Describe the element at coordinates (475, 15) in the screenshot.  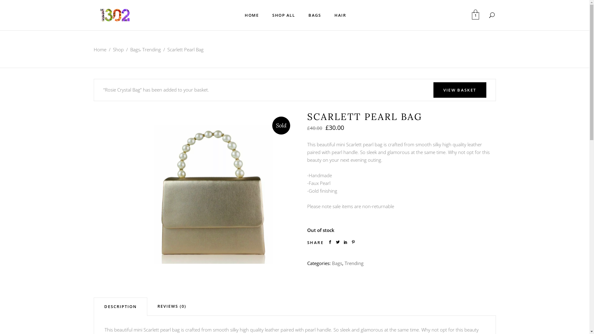
I see `'1'` at that location.